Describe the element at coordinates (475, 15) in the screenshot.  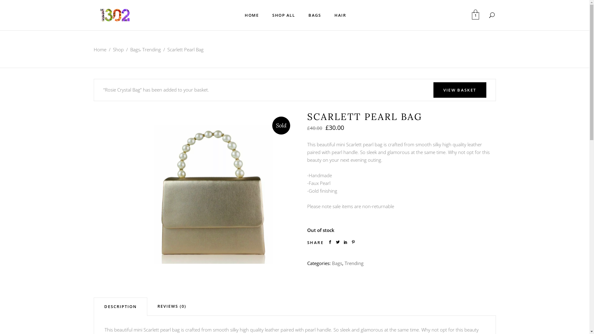
I see `'1'` at that location.